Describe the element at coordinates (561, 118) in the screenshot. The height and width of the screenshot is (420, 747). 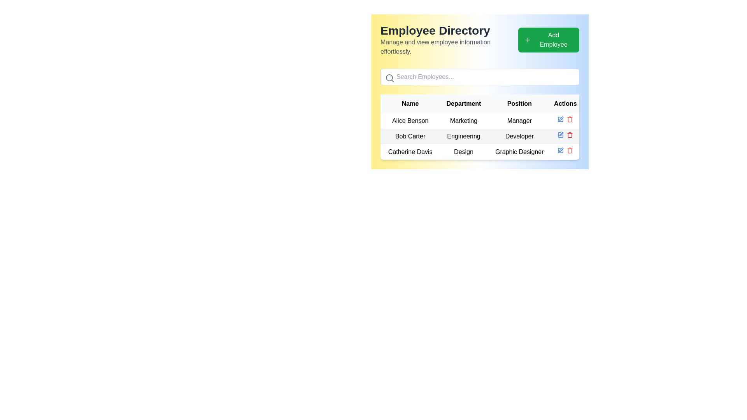
I see `the edit icon (SVG) located in the 'Actions' column of the table for the second employee, 'Bob Carter'` at that location.